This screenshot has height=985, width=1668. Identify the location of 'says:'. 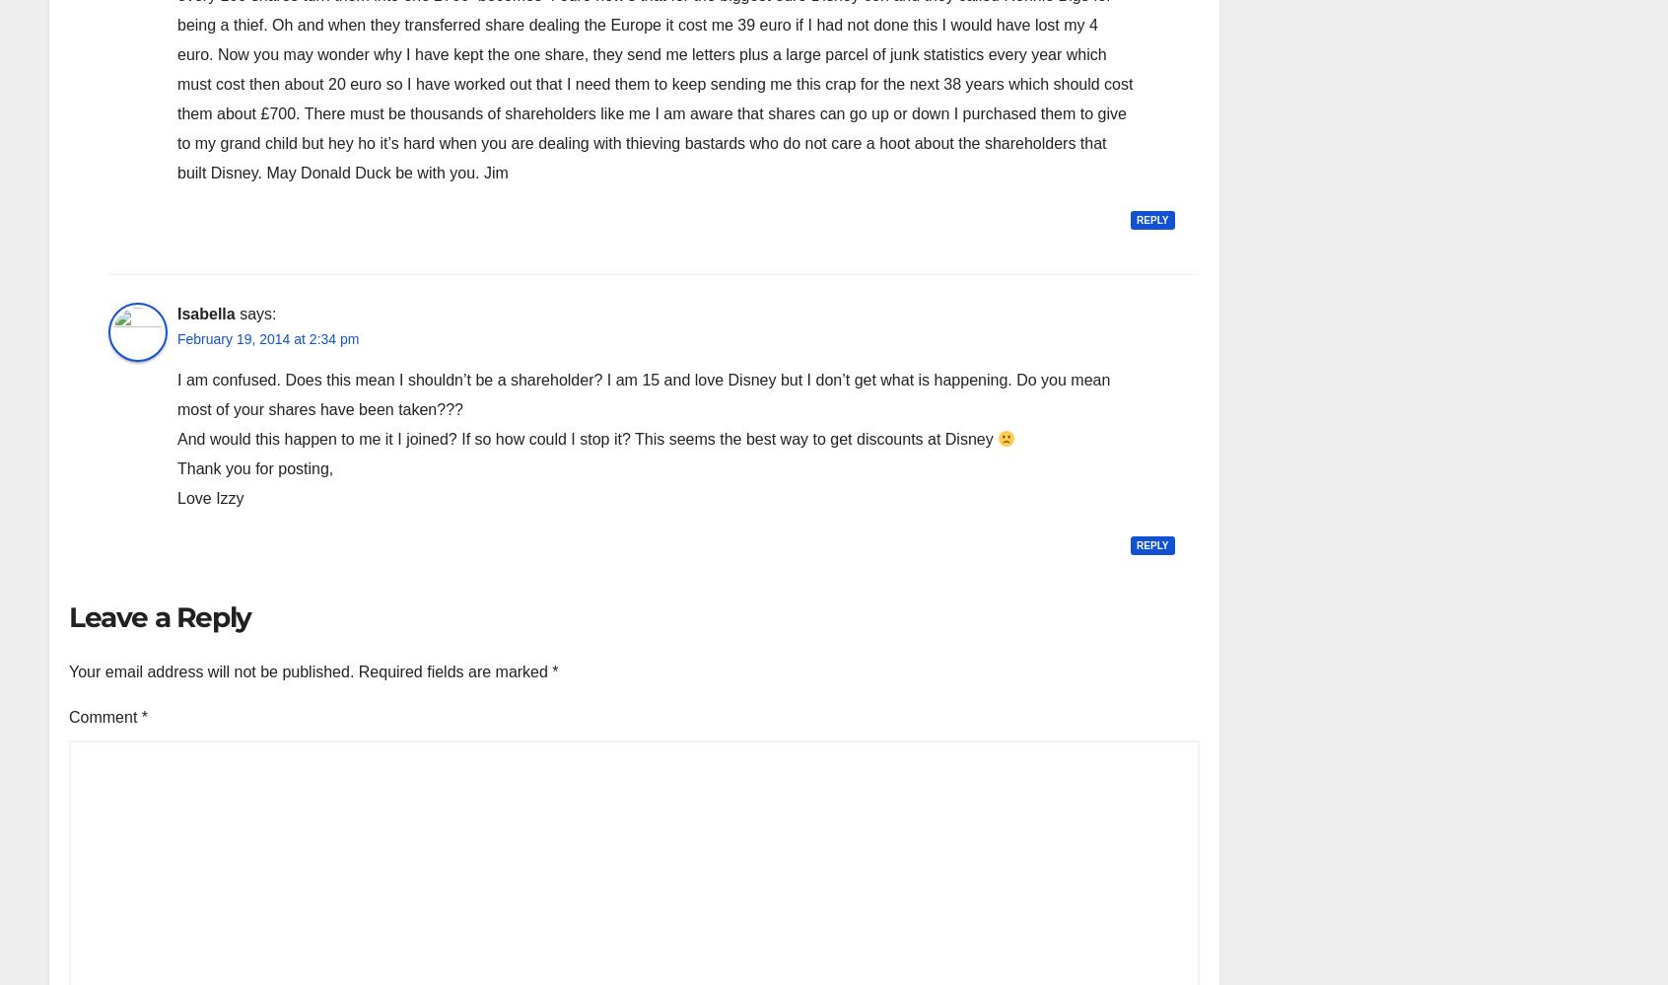
(257, 313).